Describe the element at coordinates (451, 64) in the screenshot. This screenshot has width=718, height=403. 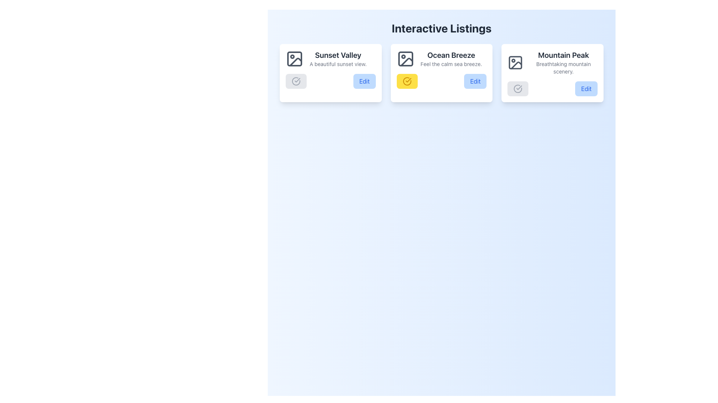
I see `the descriptive subtitle text of the 'Ocean Breeze' listing, which is the second line of text within its card` at that location.